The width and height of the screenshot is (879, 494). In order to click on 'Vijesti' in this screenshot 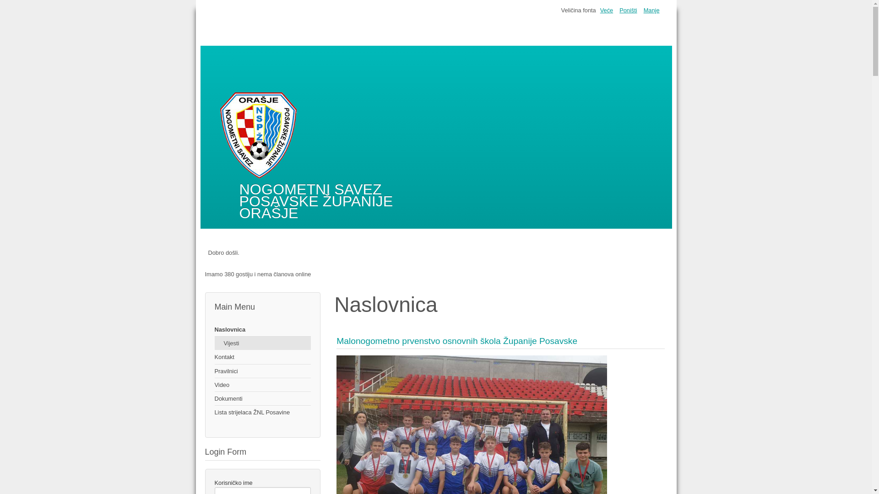, I will do `click(262, 343)`.